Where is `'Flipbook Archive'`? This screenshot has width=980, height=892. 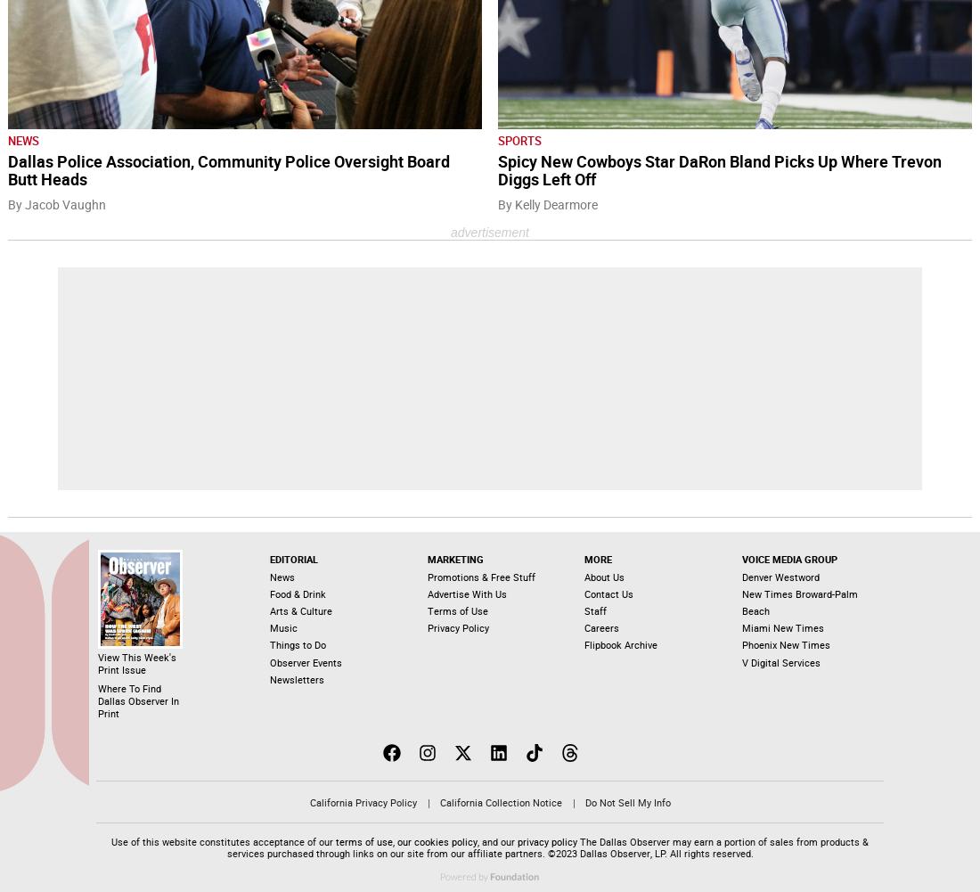 'Flipbook Archive' is located at coordinates (619, 645).